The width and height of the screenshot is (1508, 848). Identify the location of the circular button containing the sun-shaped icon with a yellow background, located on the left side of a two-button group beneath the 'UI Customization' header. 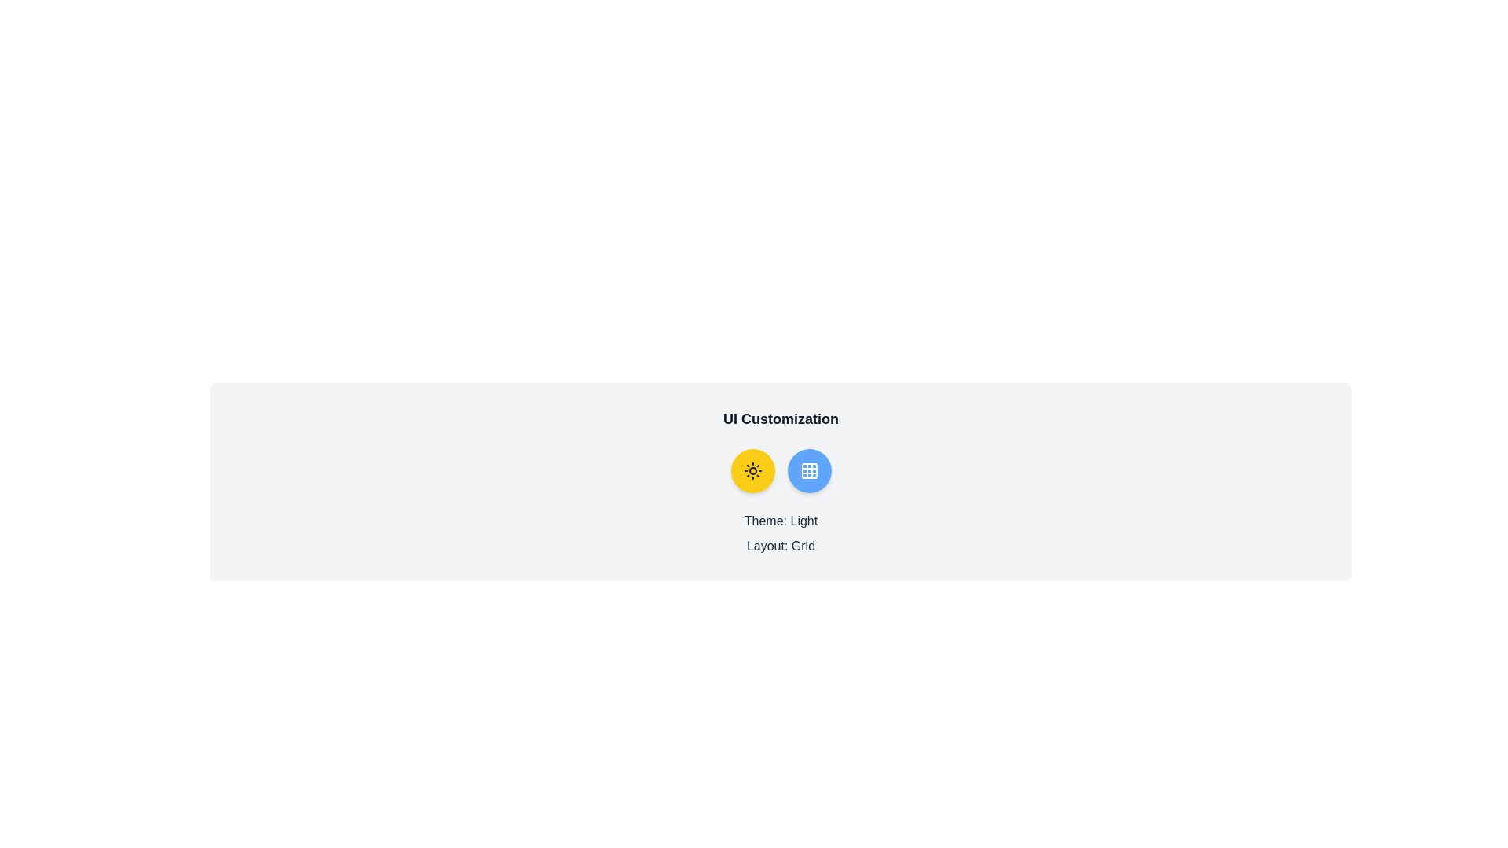
(752, 470).